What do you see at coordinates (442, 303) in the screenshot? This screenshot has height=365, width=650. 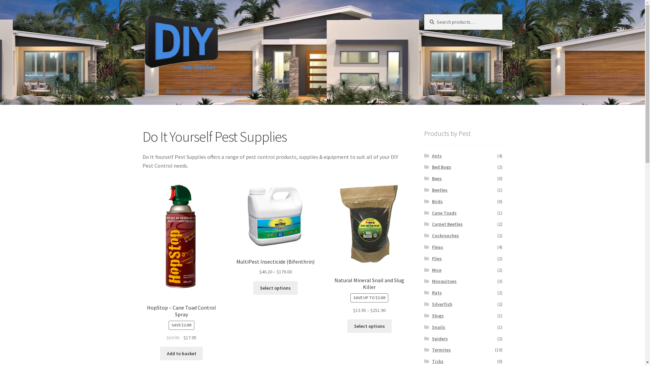 I see `'Silverfish'` at bounding box center [442, 303].